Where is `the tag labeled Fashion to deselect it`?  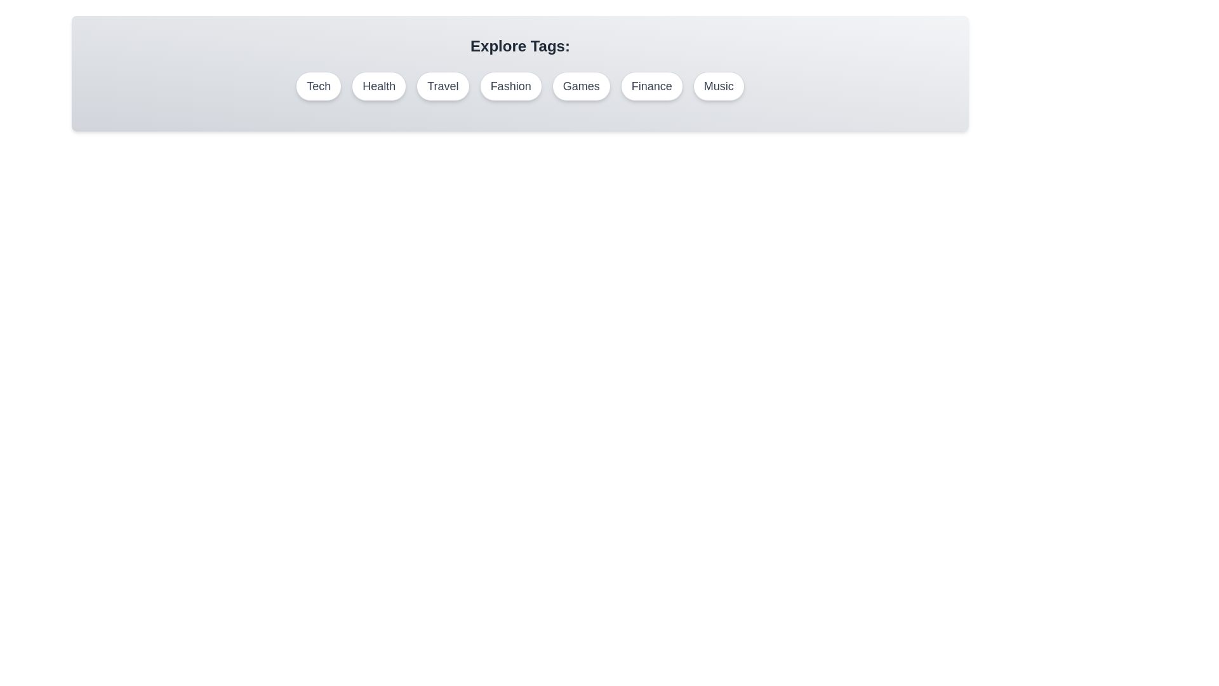
the tag labeled Fashion to deselect it is located at coordinates (510, 86).